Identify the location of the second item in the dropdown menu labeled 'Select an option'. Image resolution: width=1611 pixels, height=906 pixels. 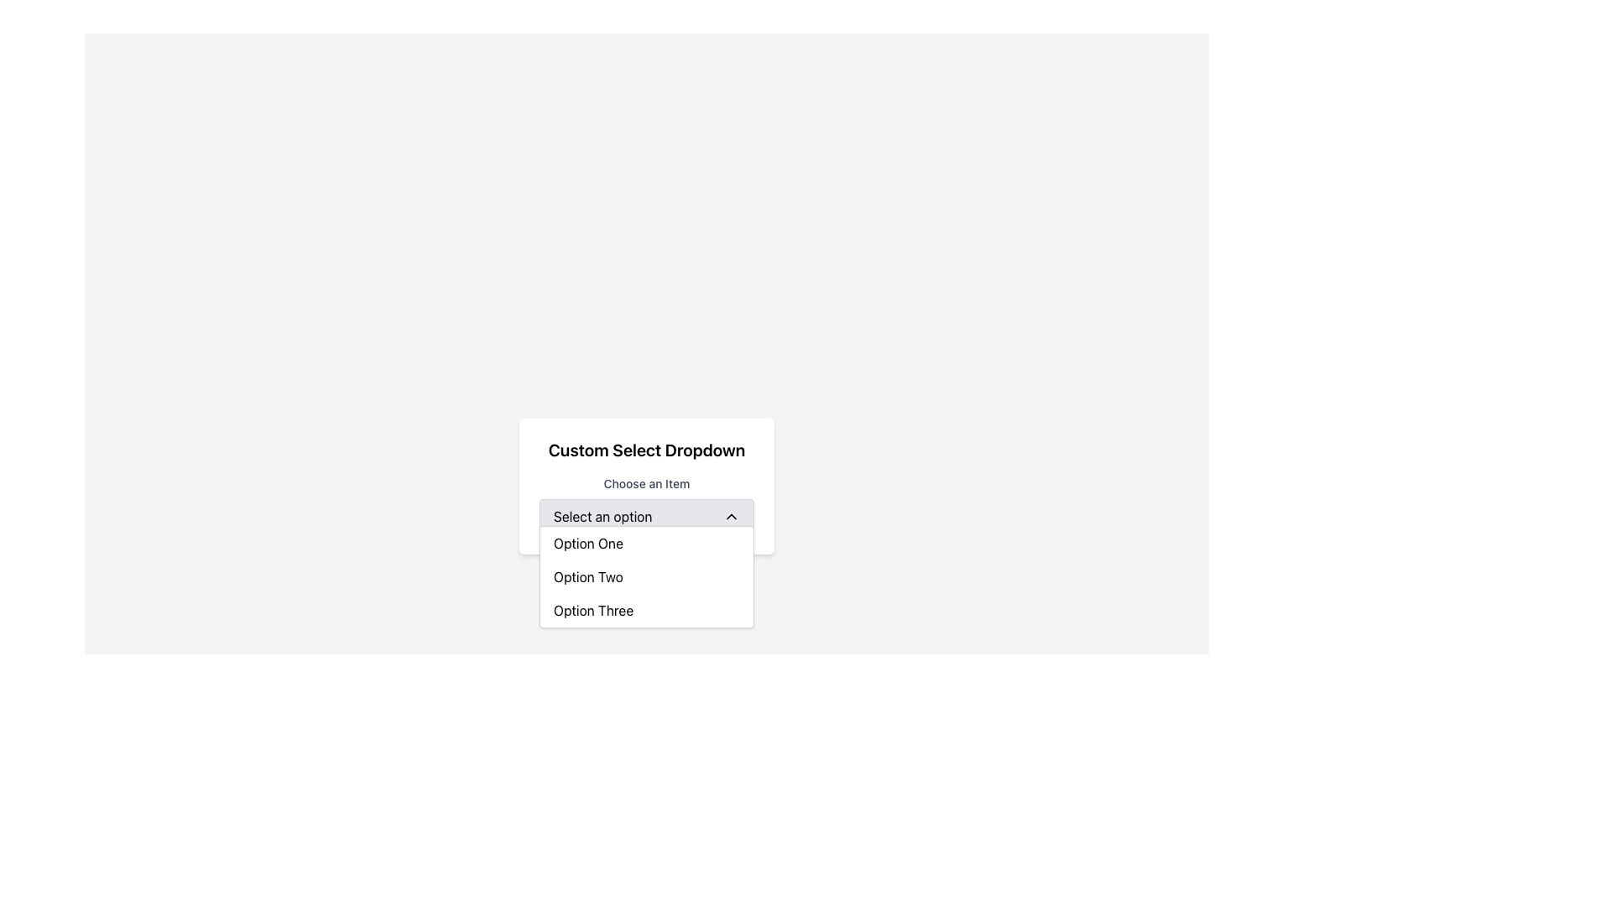
(646, 575).